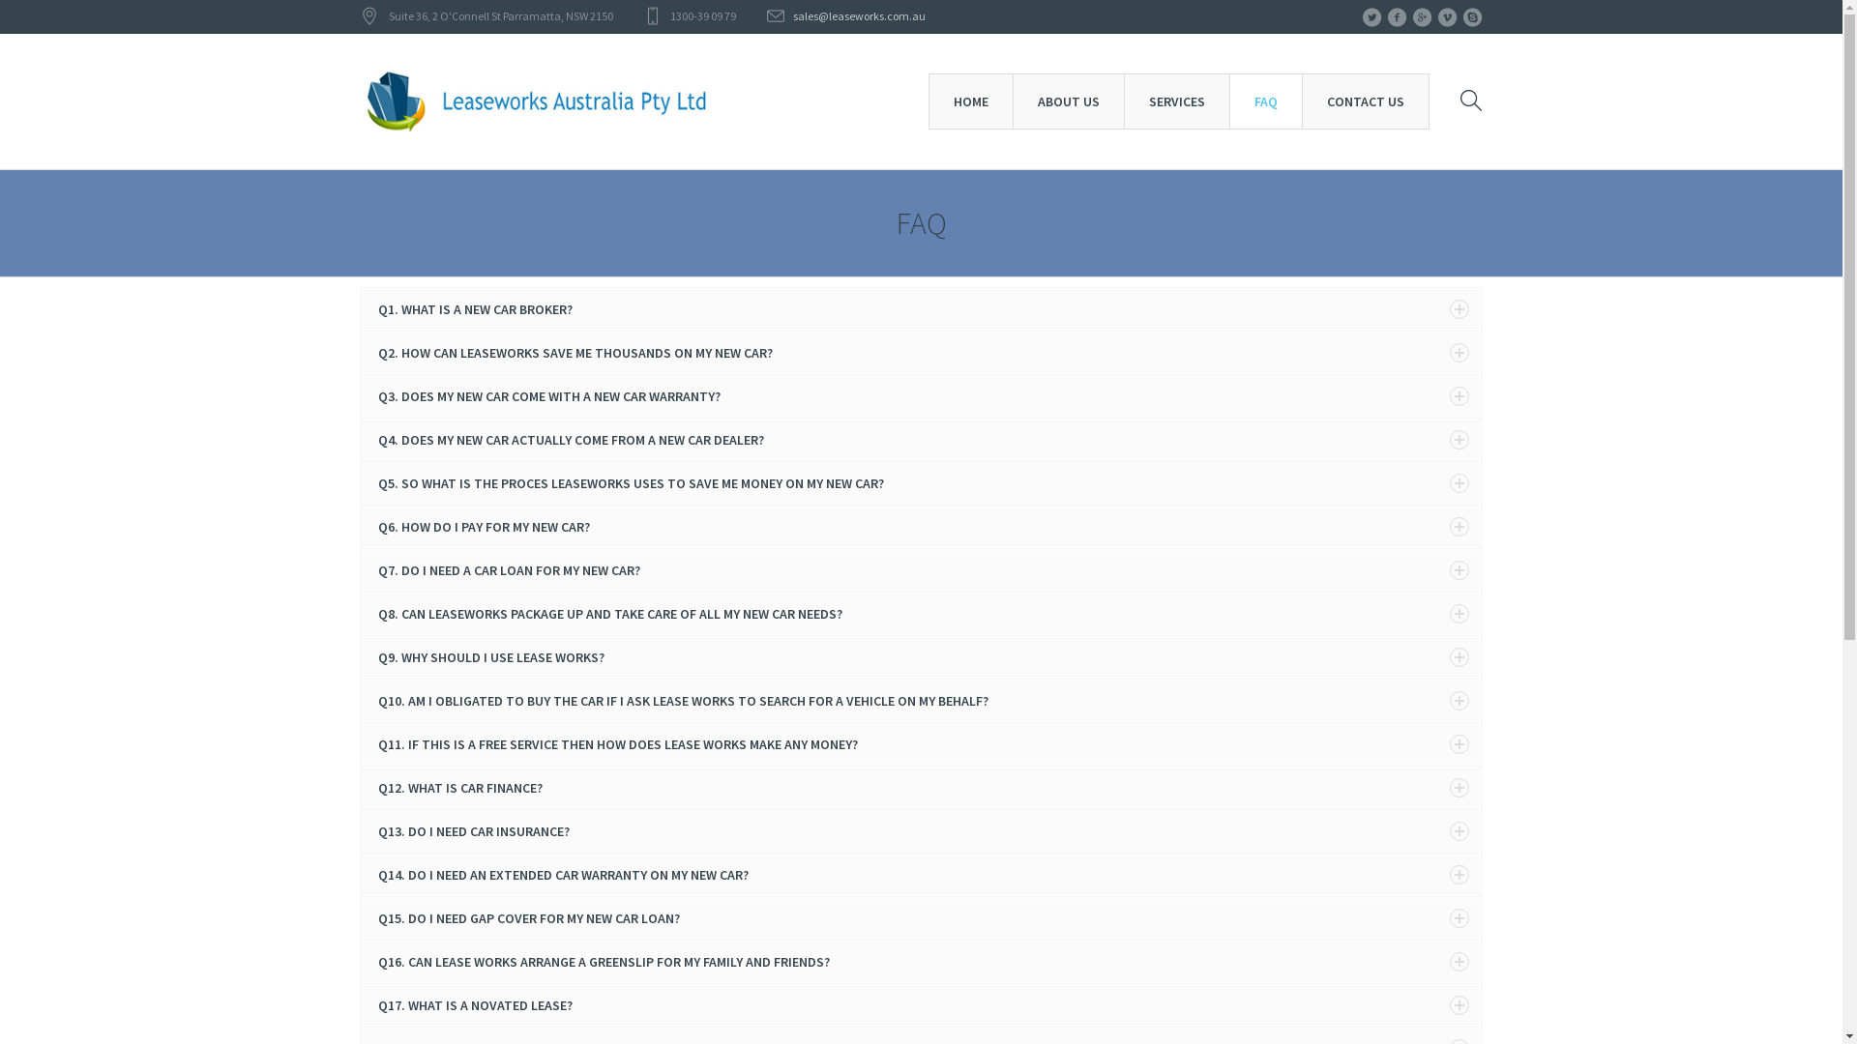  I want to click on 'Twitter', so click(1370, 17).